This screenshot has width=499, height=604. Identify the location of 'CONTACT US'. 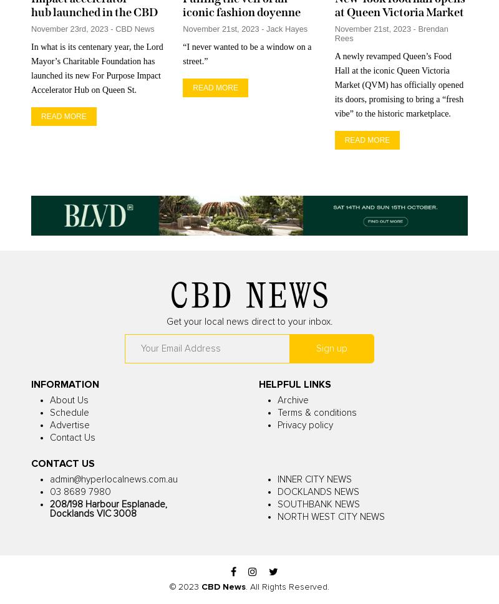
(62, 463).